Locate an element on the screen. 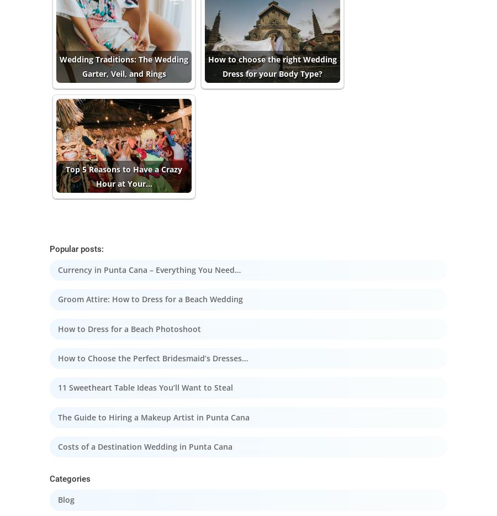  'The Guide to Hiring a Makeup Artist in Punta Cana' is located at coordinates (153, 417).